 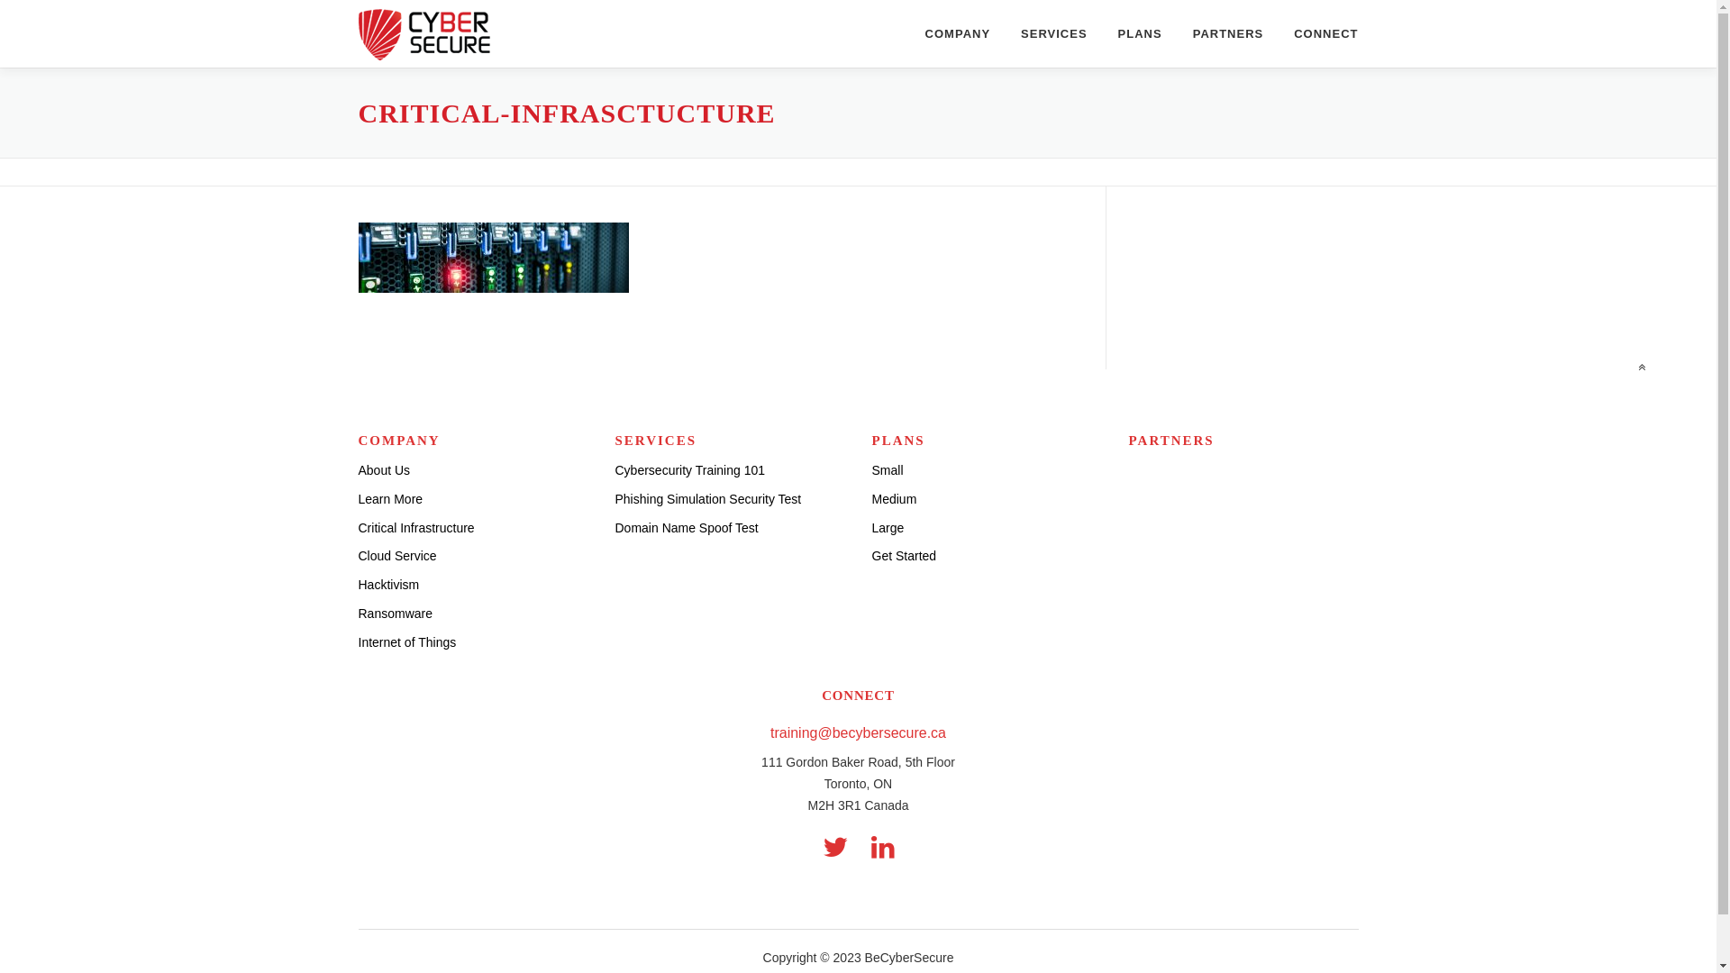 I want to click on 'Large', so click(x=888, y=527).